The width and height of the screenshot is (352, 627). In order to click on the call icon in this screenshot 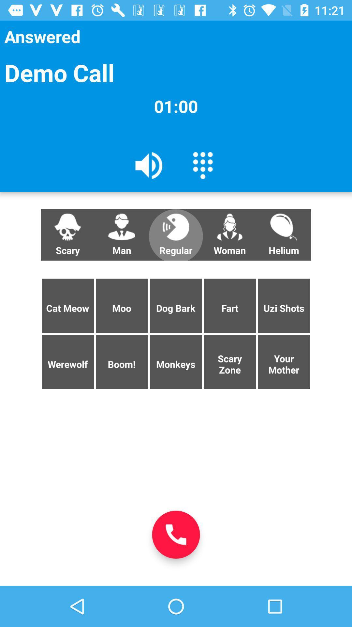, I will do `click(176, 535)`.